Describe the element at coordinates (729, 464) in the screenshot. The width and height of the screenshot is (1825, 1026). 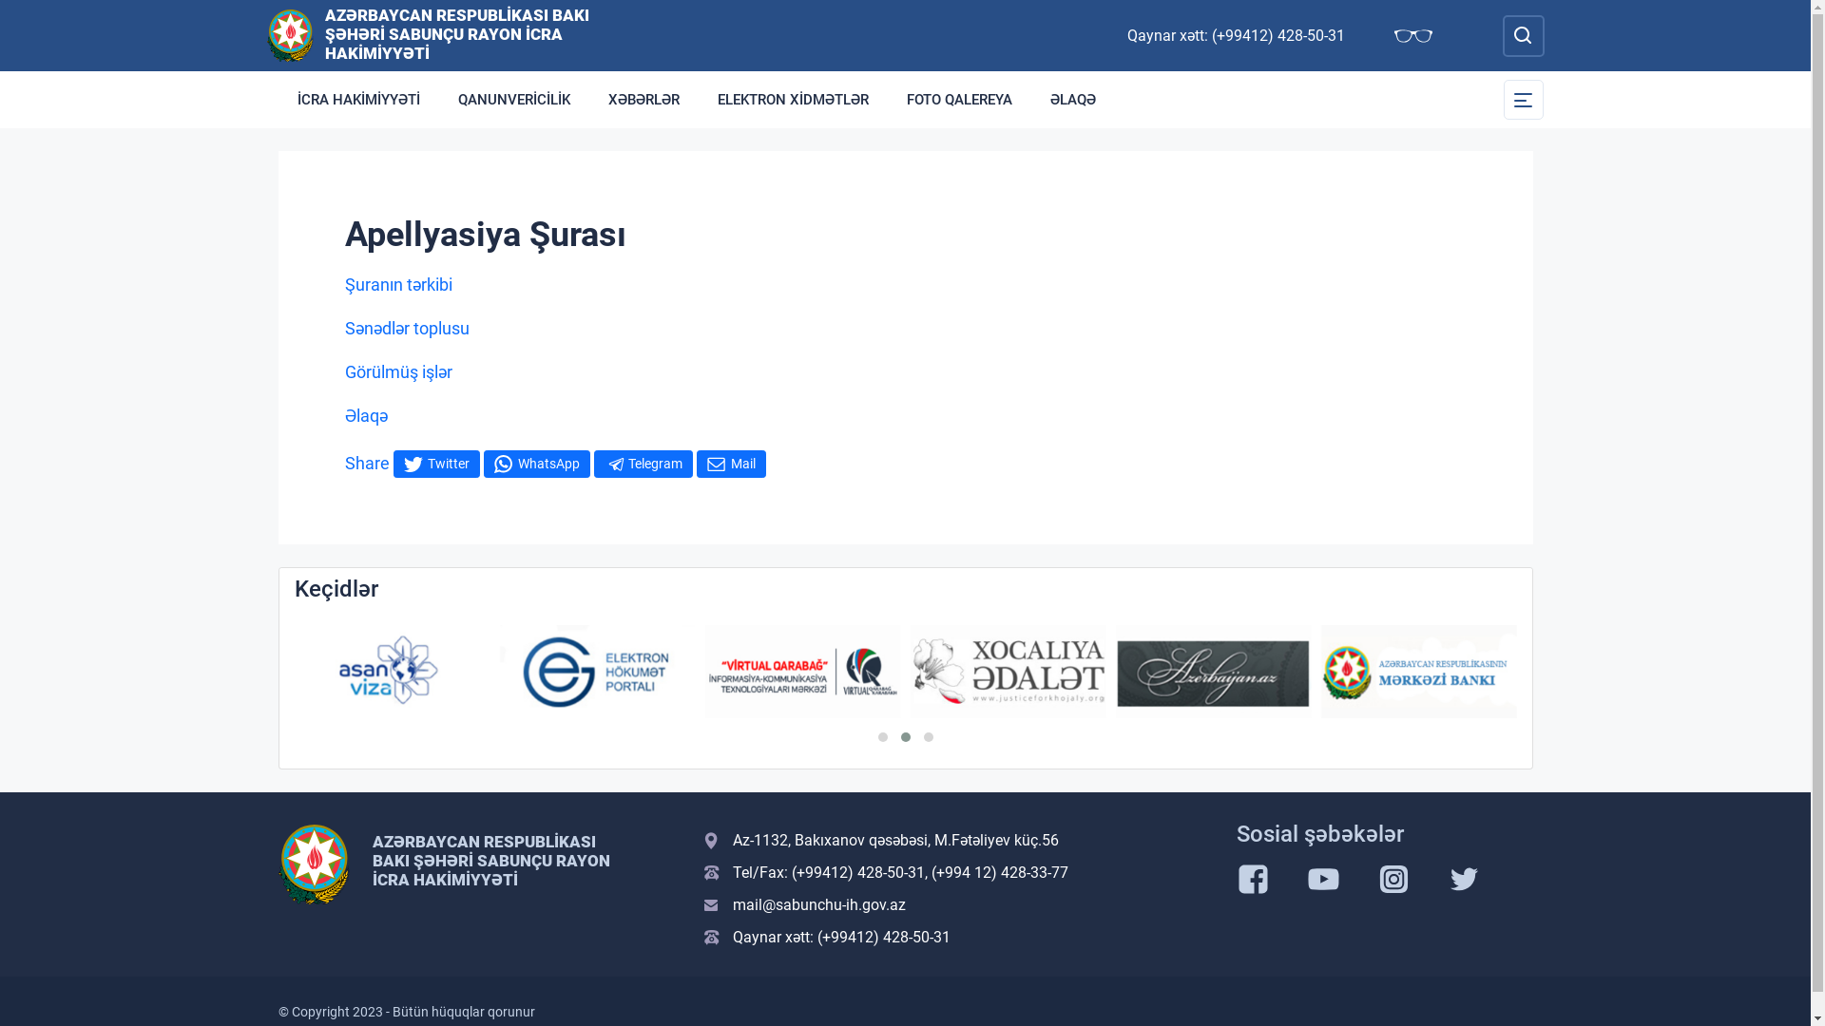
I see `'Mail'` at that location.